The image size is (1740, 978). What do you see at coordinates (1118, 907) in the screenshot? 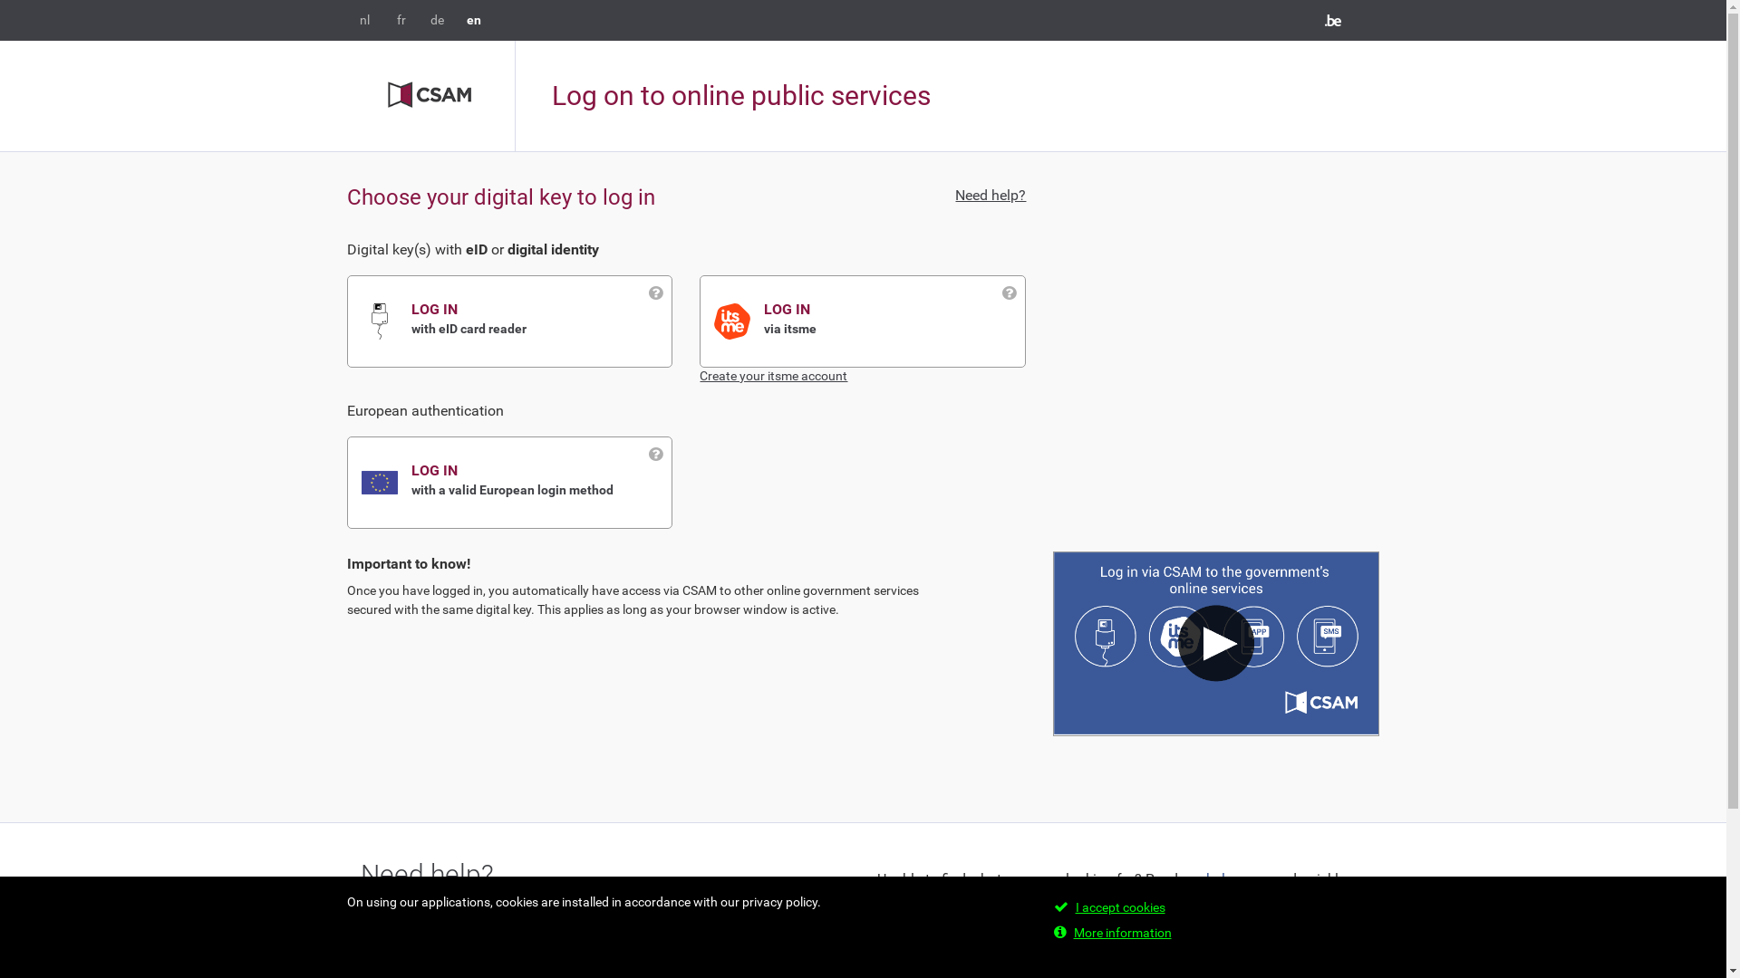
I see `'I accept cookies'` at bounding box center [1118, 907].